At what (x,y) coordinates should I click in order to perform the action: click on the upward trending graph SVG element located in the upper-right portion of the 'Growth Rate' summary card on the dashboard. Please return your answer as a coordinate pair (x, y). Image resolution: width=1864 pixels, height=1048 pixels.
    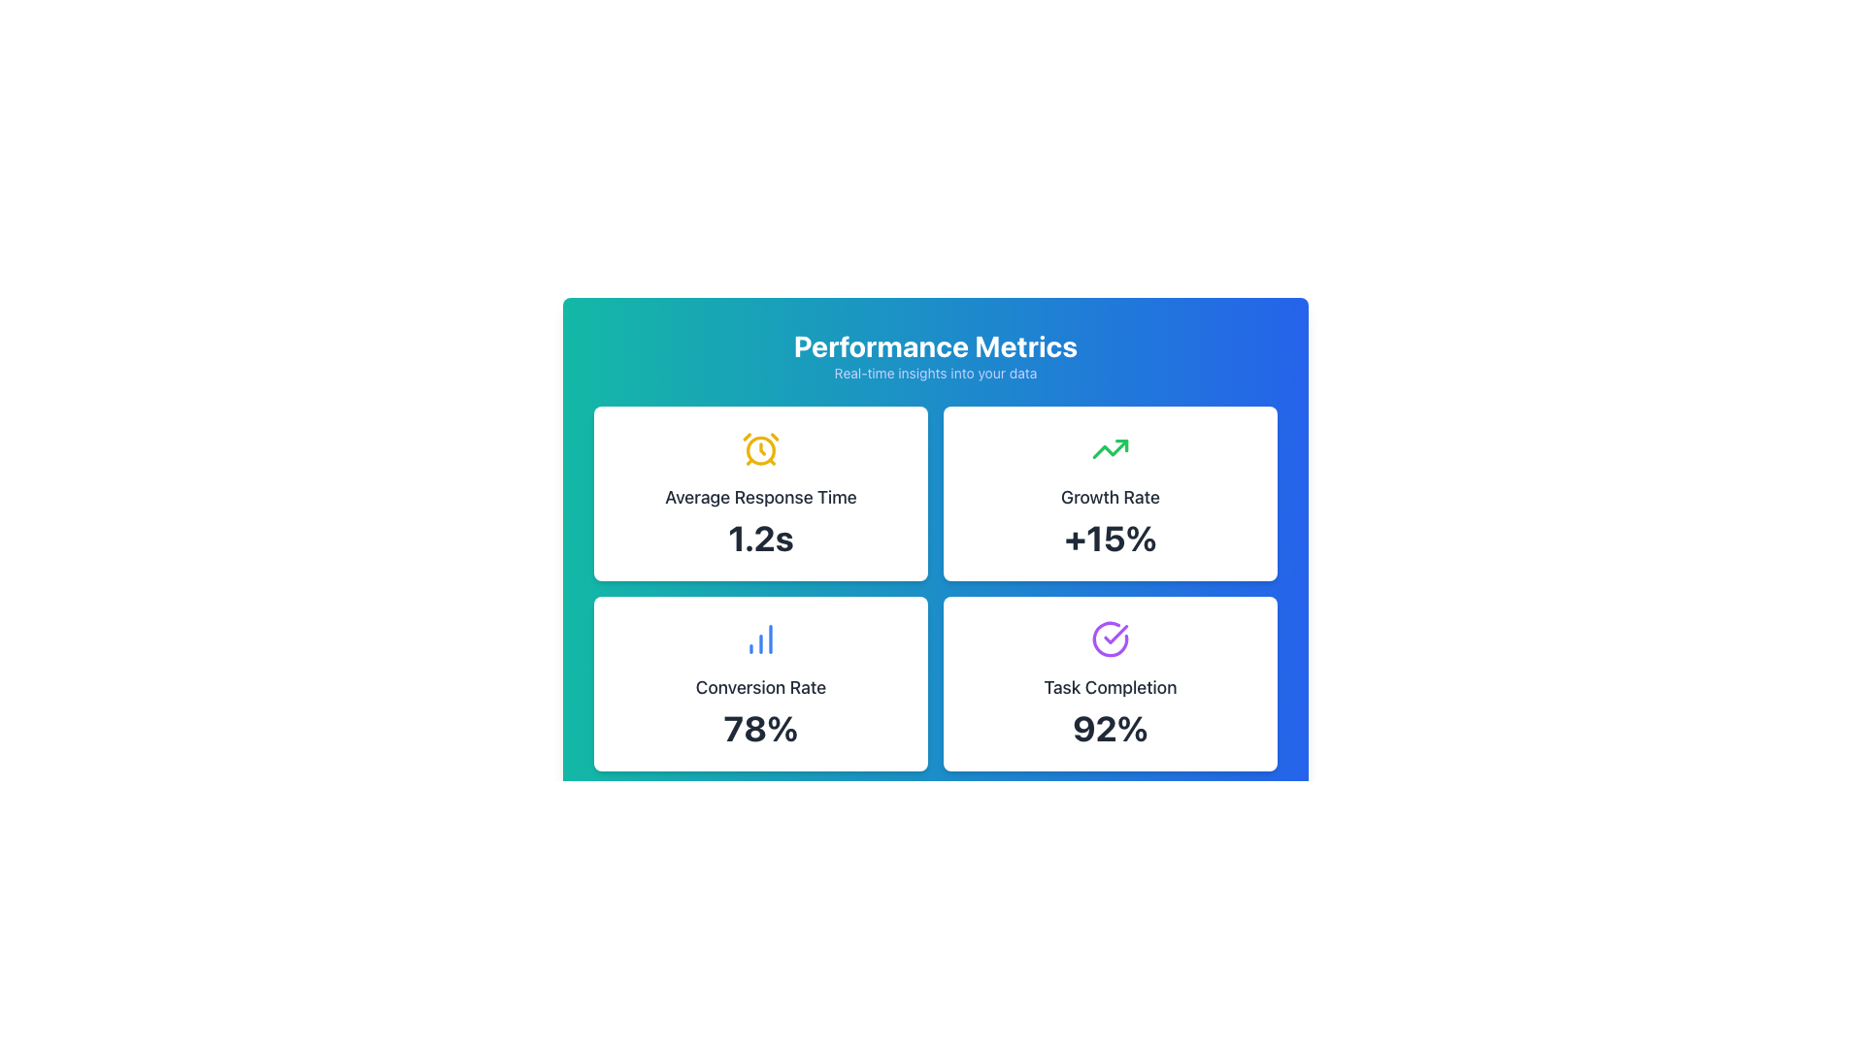
    Looking at the image, I should click on (1110, 448).